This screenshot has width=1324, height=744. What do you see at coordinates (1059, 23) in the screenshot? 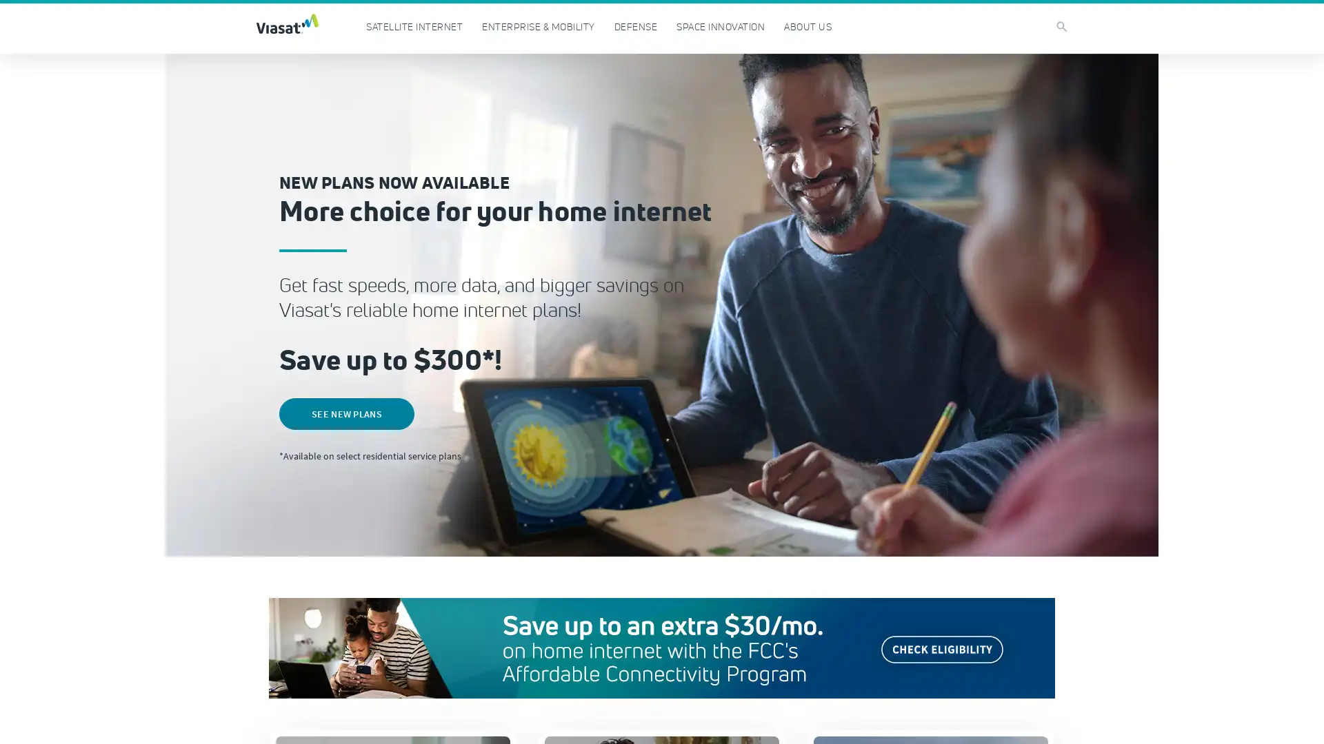
I see `search icon` at bounding box center [1059, 23].